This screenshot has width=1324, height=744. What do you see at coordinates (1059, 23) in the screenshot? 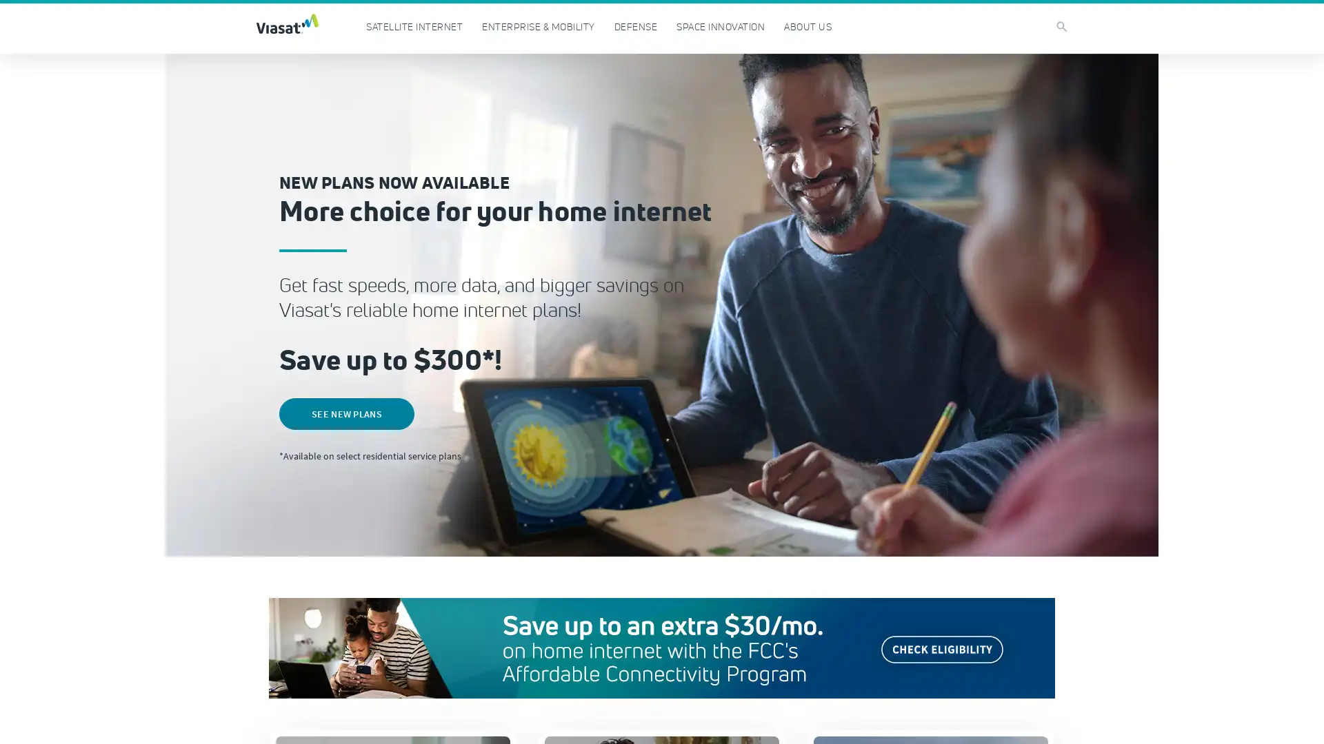
I see `search icon` at bounding box center [1059, 23].